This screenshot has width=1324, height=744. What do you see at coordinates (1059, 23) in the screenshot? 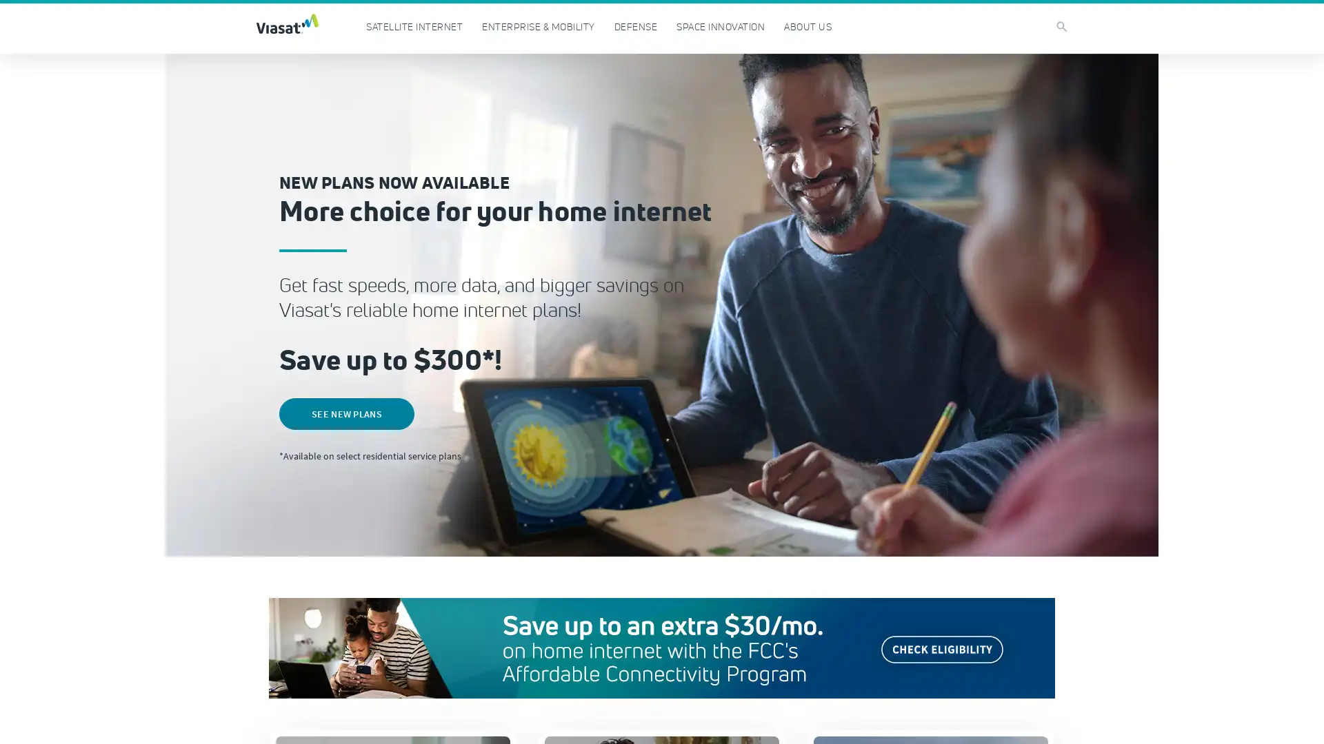
I see `search icon` at bounding box center [1059, 23].